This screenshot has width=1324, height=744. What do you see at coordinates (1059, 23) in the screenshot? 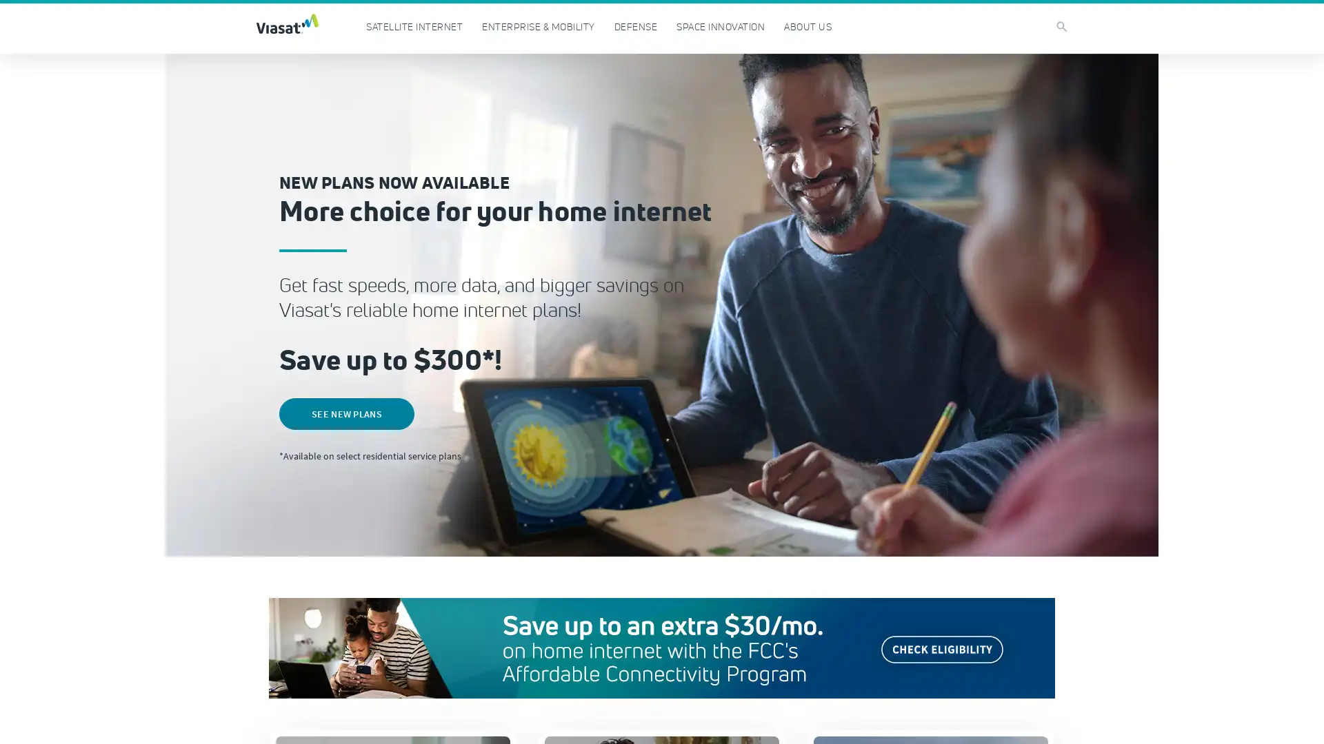
I see `search icon` at bounding box center [1059, 23].